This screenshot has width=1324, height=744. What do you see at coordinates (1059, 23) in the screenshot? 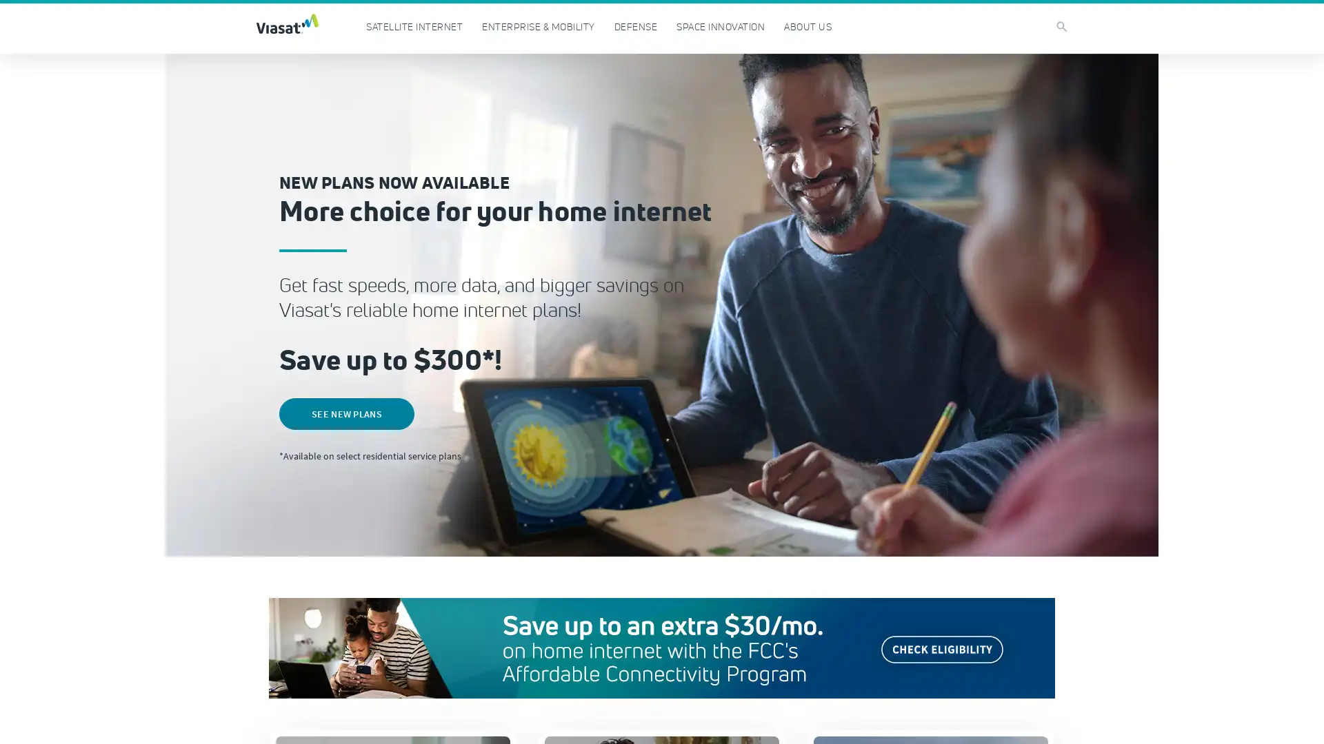
I see `search icon` at bounding box center [1059, 23].